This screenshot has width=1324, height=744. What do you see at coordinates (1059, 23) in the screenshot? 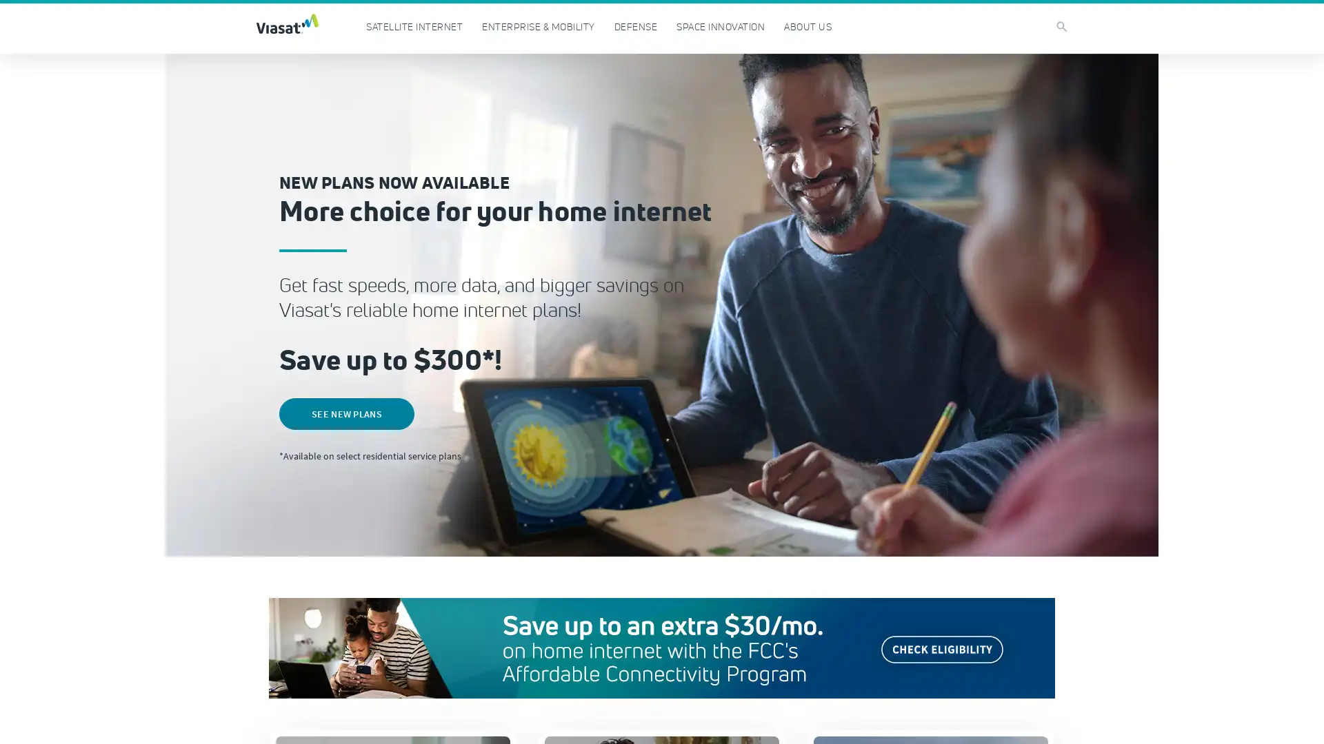
I see `search icon` at bounding box center [1059, 23].